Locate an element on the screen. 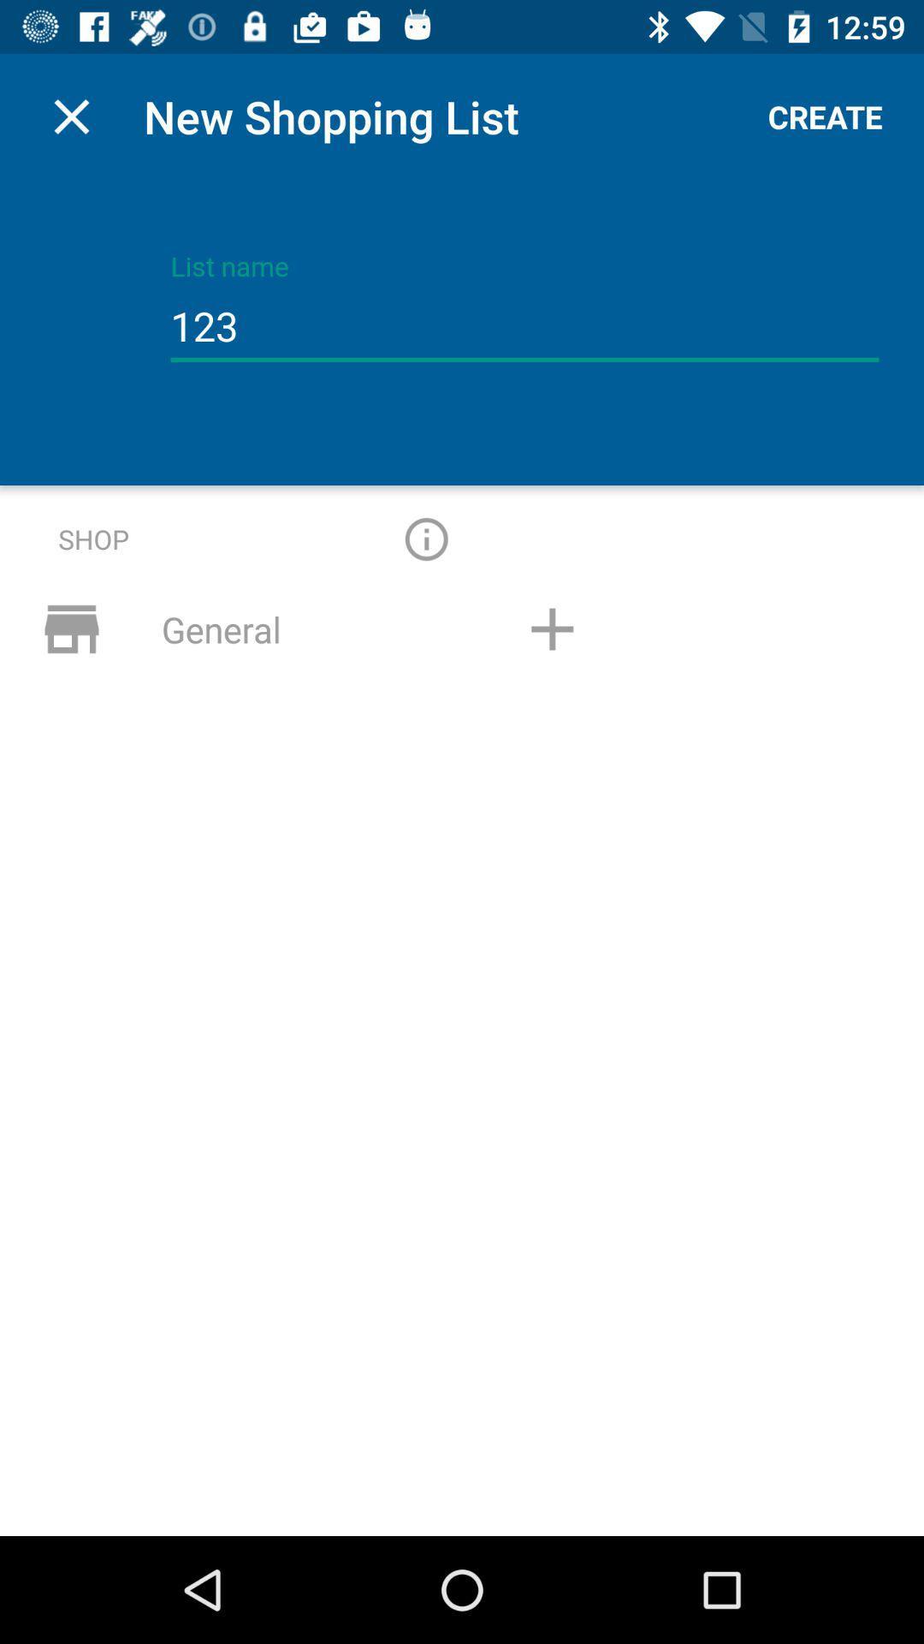 The height and width of the screenshot is (1644, 924). more information is located at coordinates (425, 538).